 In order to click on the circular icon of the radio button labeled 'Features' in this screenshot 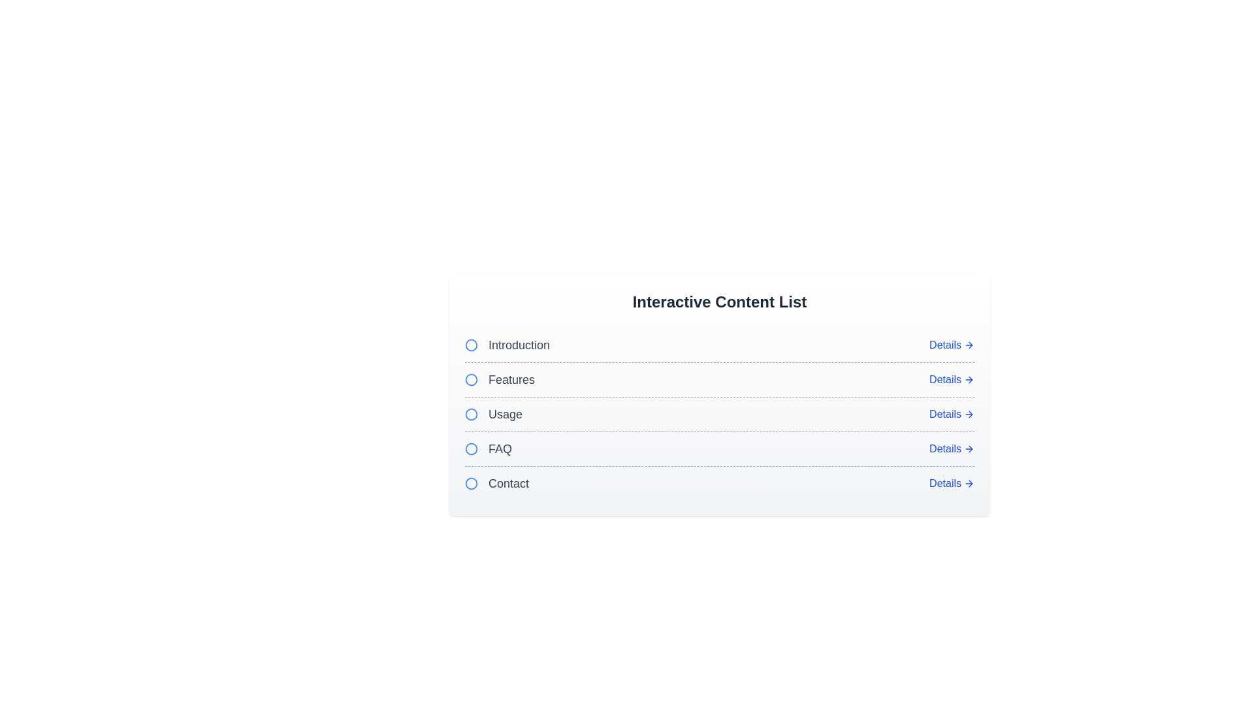, I will do `click(499, 380)`.